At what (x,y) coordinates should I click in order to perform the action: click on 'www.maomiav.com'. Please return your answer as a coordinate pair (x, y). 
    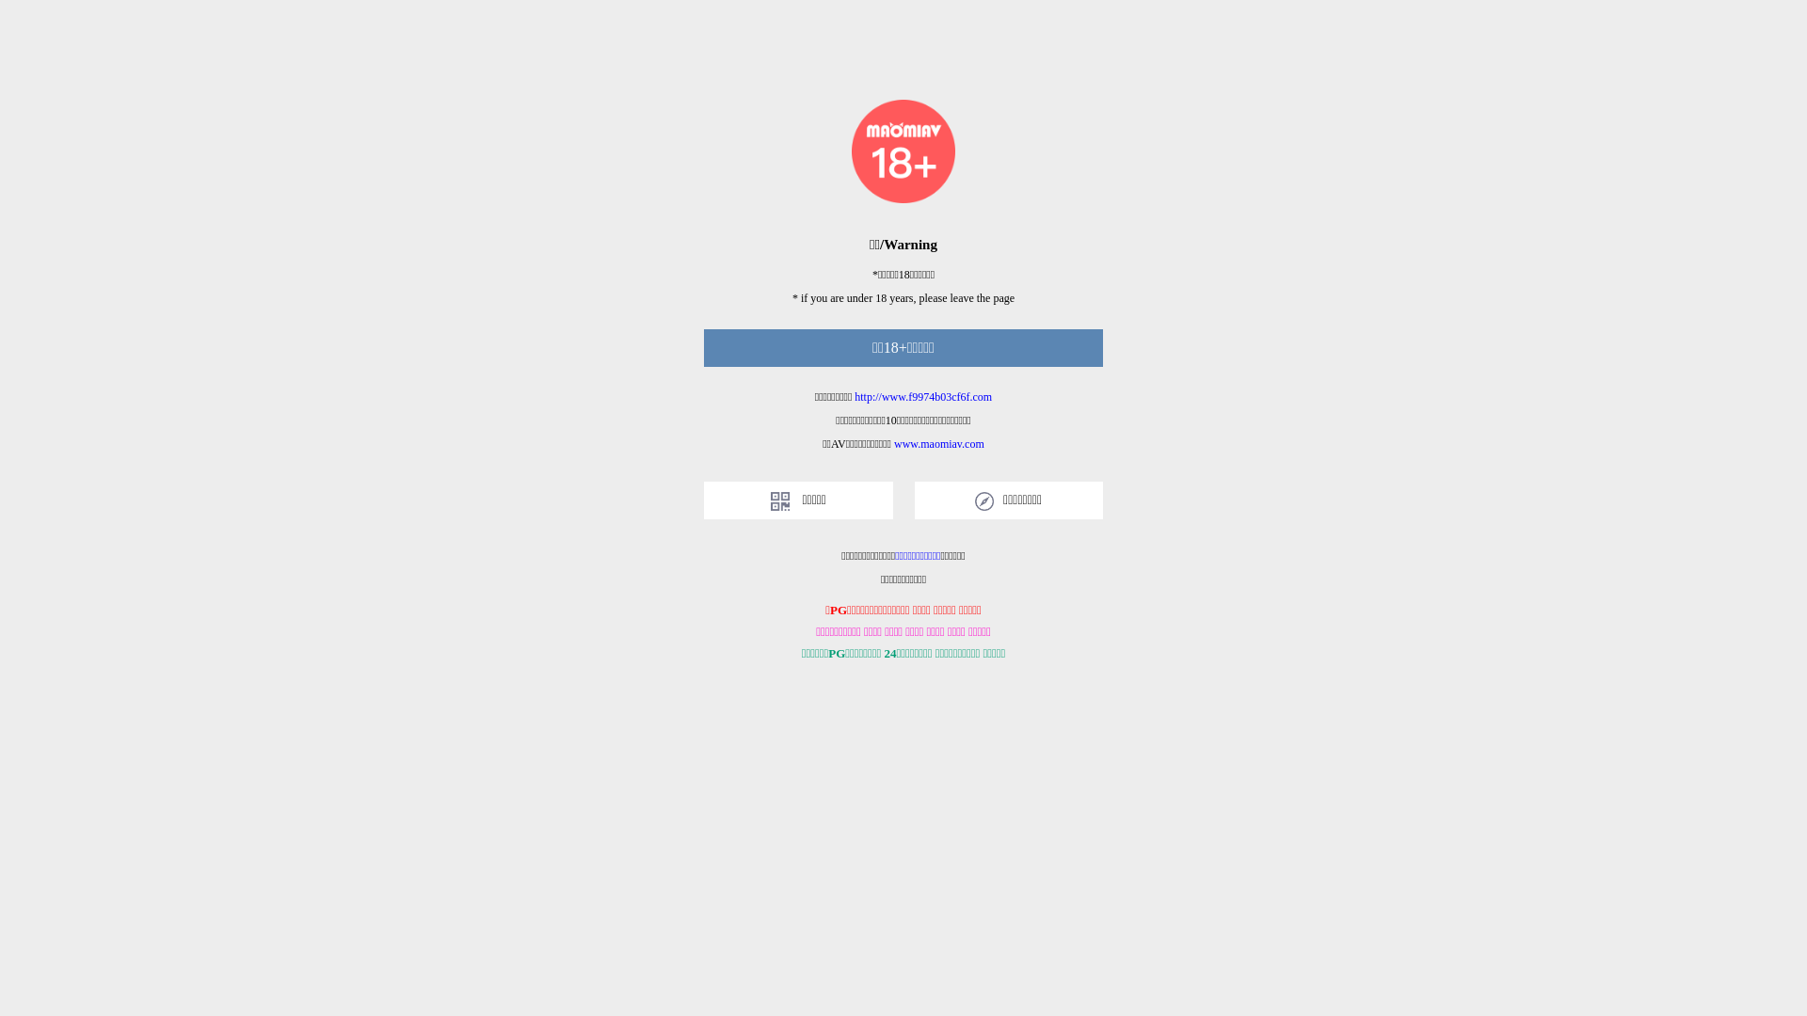
    Looking at the image, I should click on (939, 443).